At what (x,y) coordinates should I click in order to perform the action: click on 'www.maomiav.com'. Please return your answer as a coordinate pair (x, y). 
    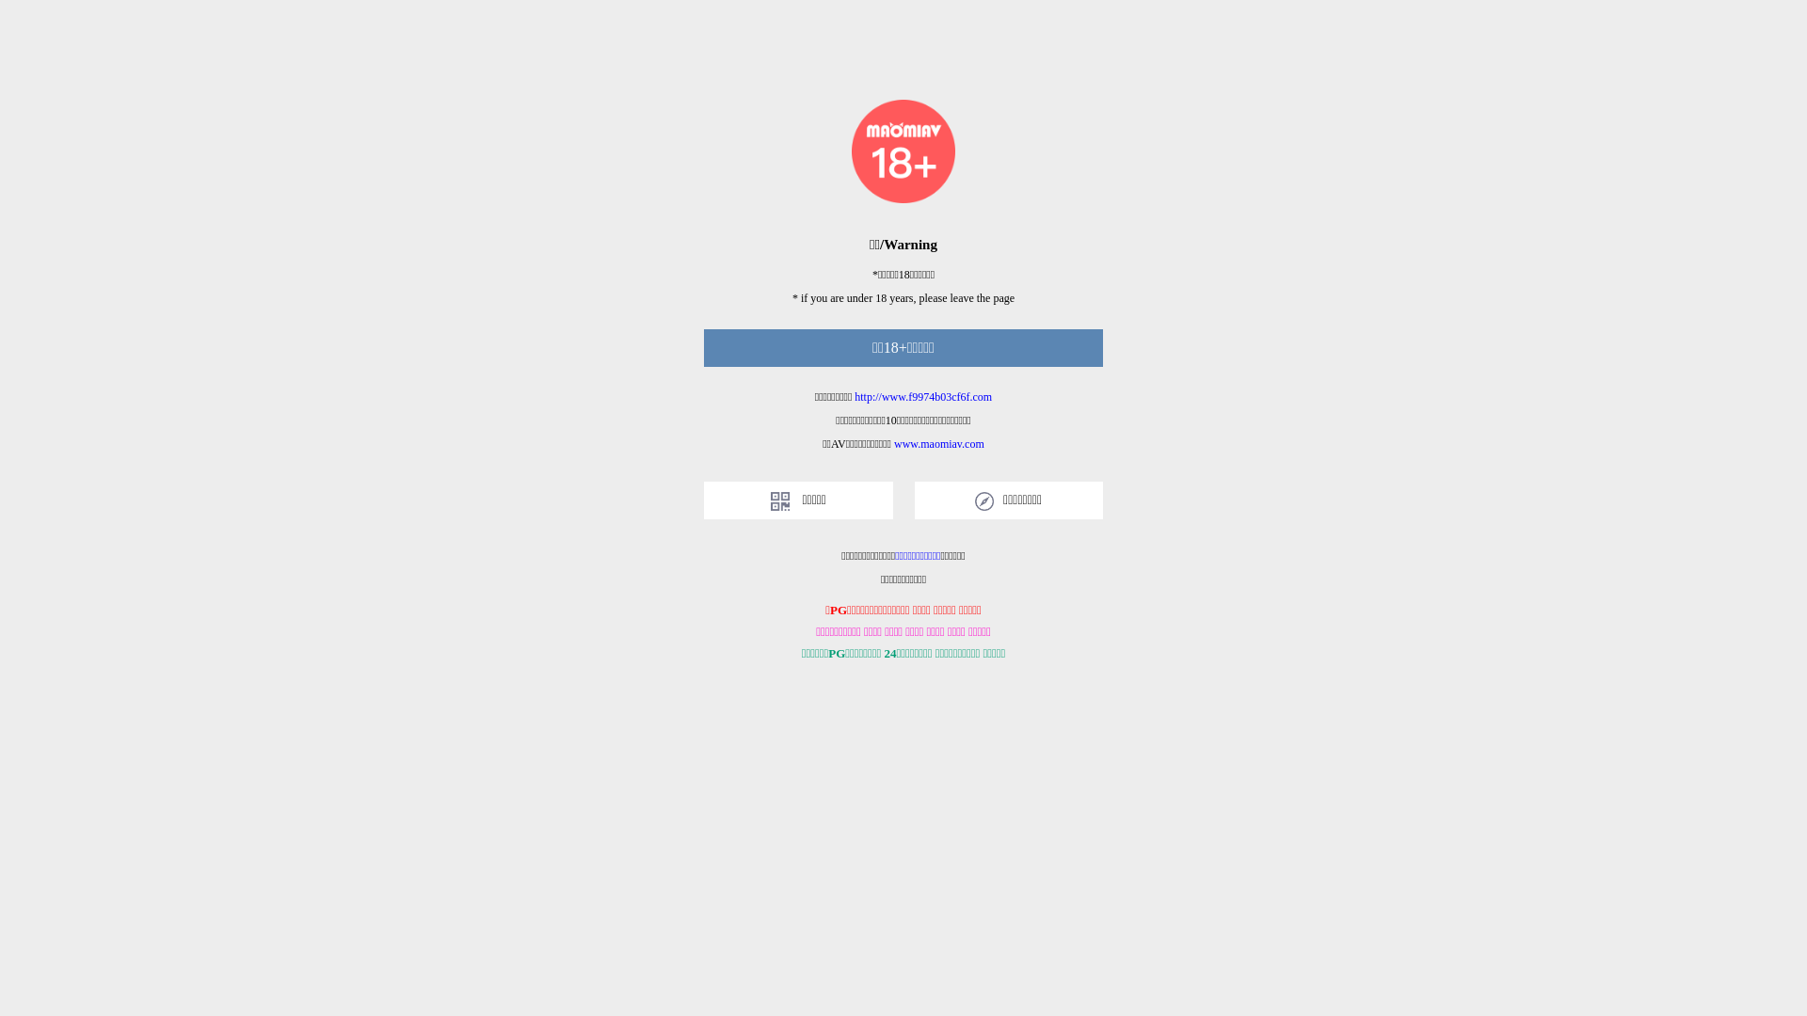
    Looking at the image, I should click on (939, 443).